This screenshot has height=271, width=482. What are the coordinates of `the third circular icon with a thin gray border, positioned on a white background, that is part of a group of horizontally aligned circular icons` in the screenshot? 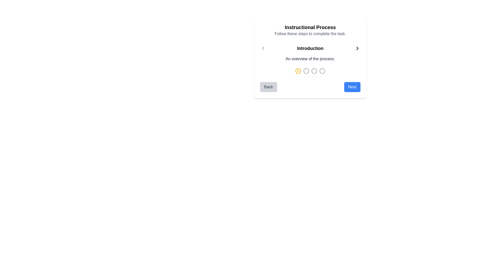 It's located at (306, 71).